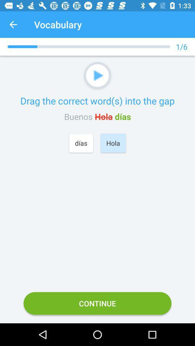 Image resolution: width=195 pixels, height=346 pixels. Describe the element at coordinates (13, 25) in the screenshot. I see `the item next to vocabulary icon` at that location.